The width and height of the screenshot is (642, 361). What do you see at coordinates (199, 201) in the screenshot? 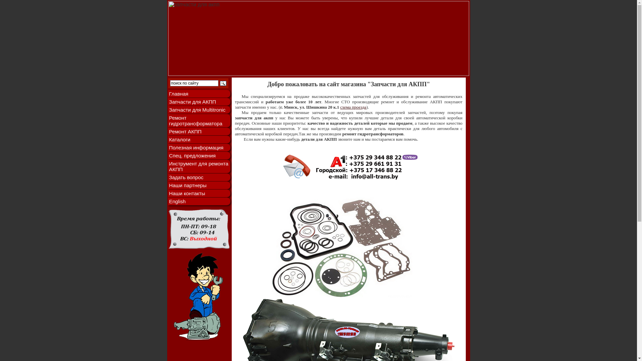
I see `'English'` at bounding box center [199, 201].